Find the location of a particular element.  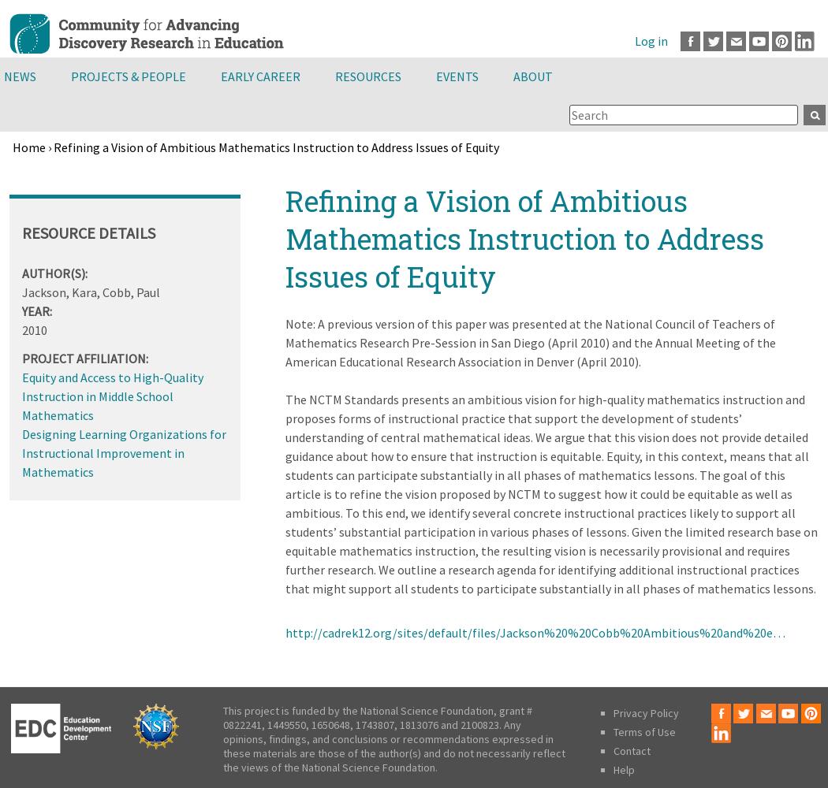

'This project is funded by the National Science Foundation, grant # 0822241, 1449550, 1650648, 1743807, 1813076 and 2100823. Any opinions, findings, and conclusions or recommendations expressed in these materials are those of the author(s) and do not necessarily reflect the views of the National Science Foundation.' is located at coordinates (393, 739).